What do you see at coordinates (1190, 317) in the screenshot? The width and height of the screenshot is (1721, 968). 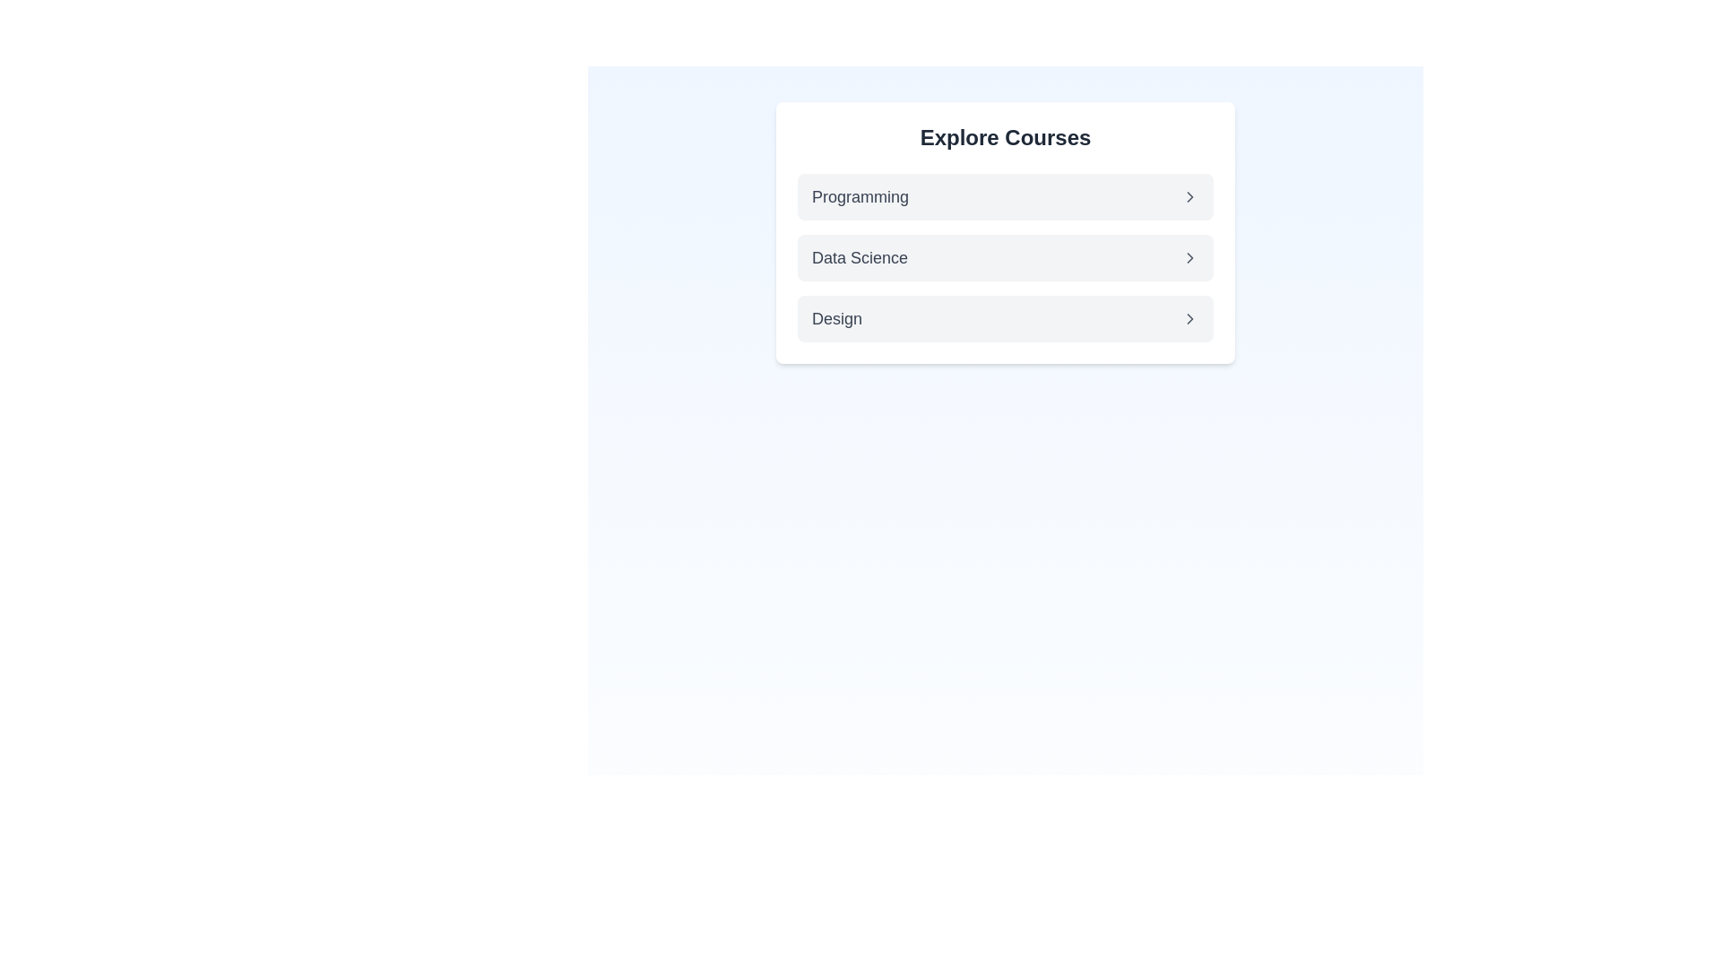 I see `the chevron icon that indicates the 'Design' menu item, which is the third icon in a vertical sequence of similar icons` at bounding box center [1190, 317].